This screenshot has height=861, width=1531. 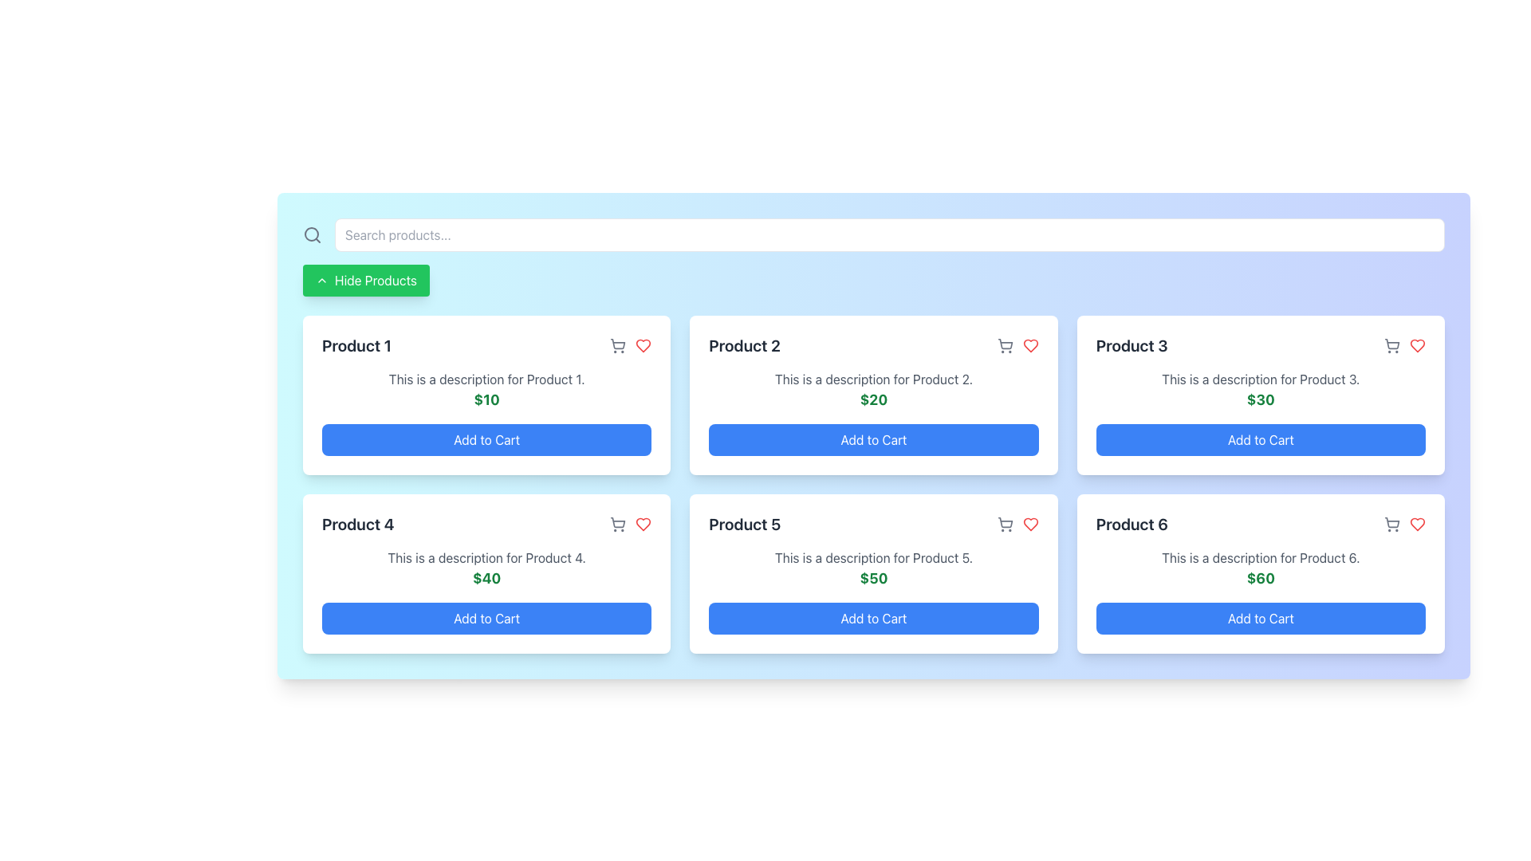 What do you see at coordinates (1260, 399) in the screenshot?
I see `the price label displaying '$30' in bold green text, located within the 'Product 3' card, above the 'Add to Cart' button` at bounding box center [1260, 399].